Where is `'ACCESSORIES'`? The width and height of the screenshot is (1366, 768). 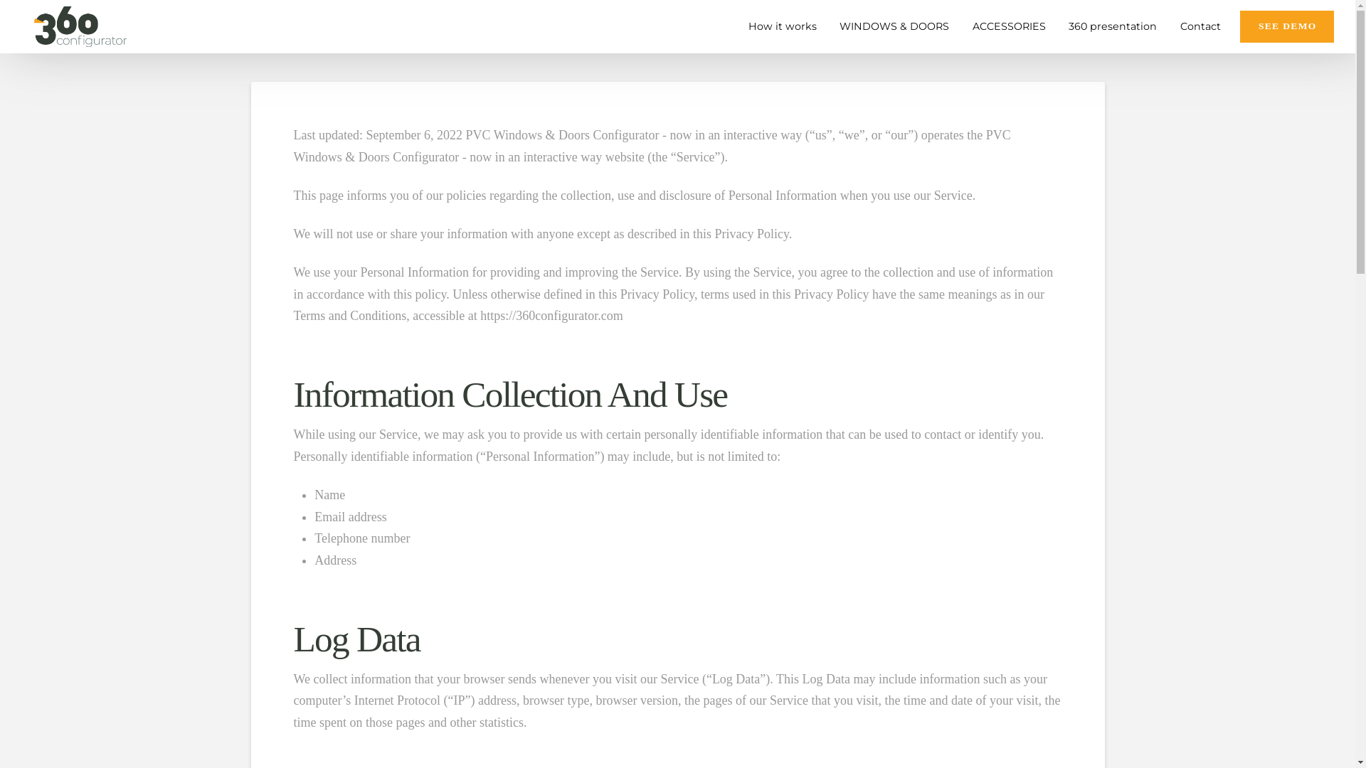
'ACCESSORIES' is located at coordinates (1006, 26).